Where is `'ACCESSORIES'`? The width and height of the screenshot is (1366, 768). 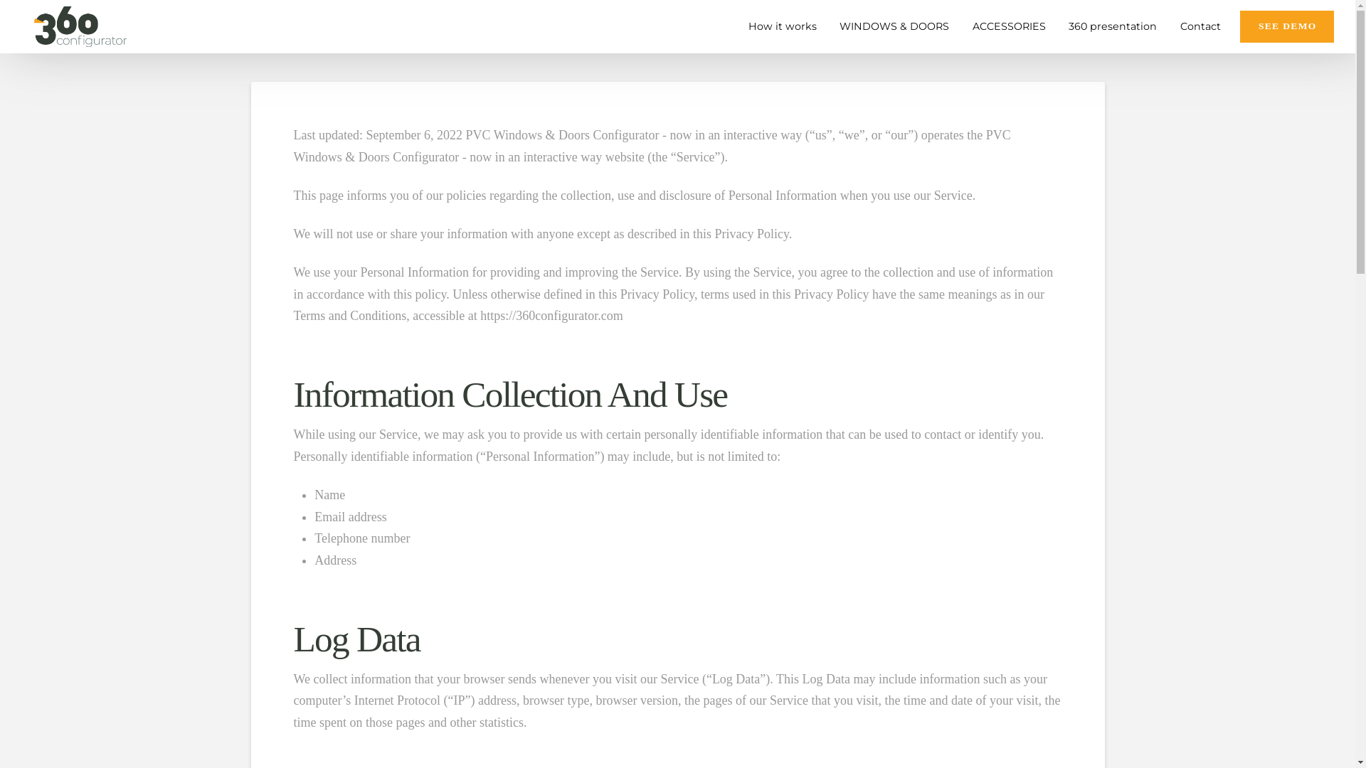
'ACCESSORIES' is located at coordinates (1006, 26).